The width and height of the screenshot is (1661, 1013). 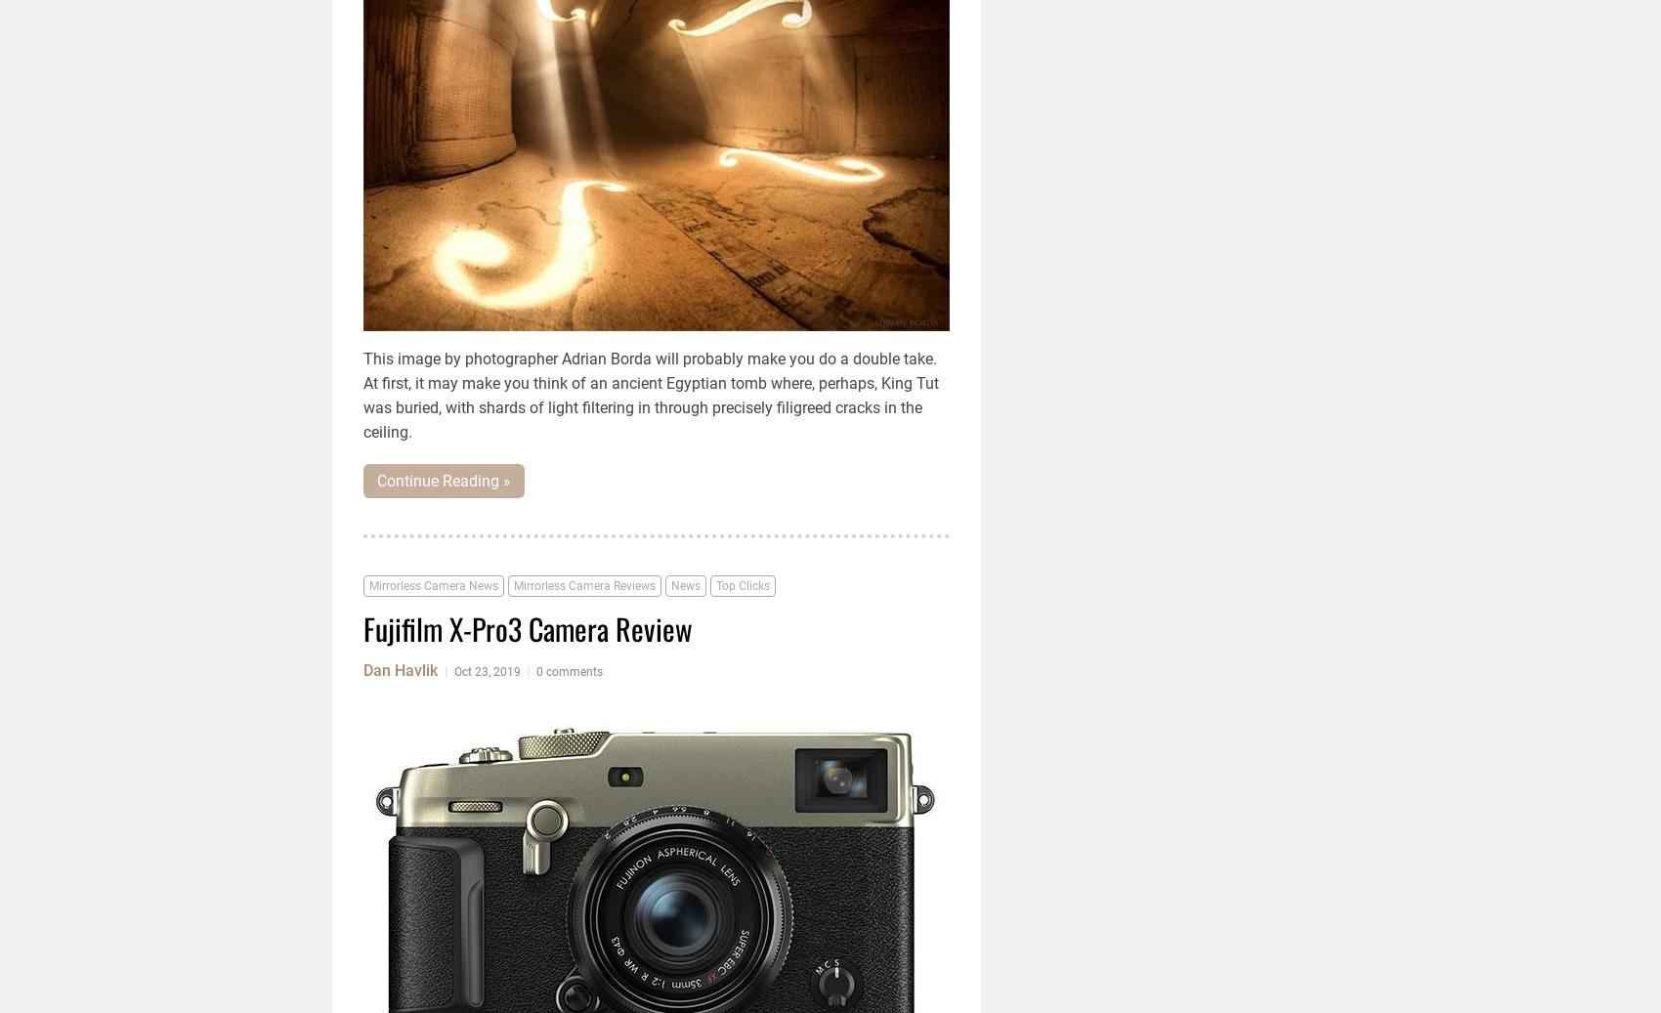 I want to click on 'Mirrorless Camera Reviews', so click(x=583, y=586).